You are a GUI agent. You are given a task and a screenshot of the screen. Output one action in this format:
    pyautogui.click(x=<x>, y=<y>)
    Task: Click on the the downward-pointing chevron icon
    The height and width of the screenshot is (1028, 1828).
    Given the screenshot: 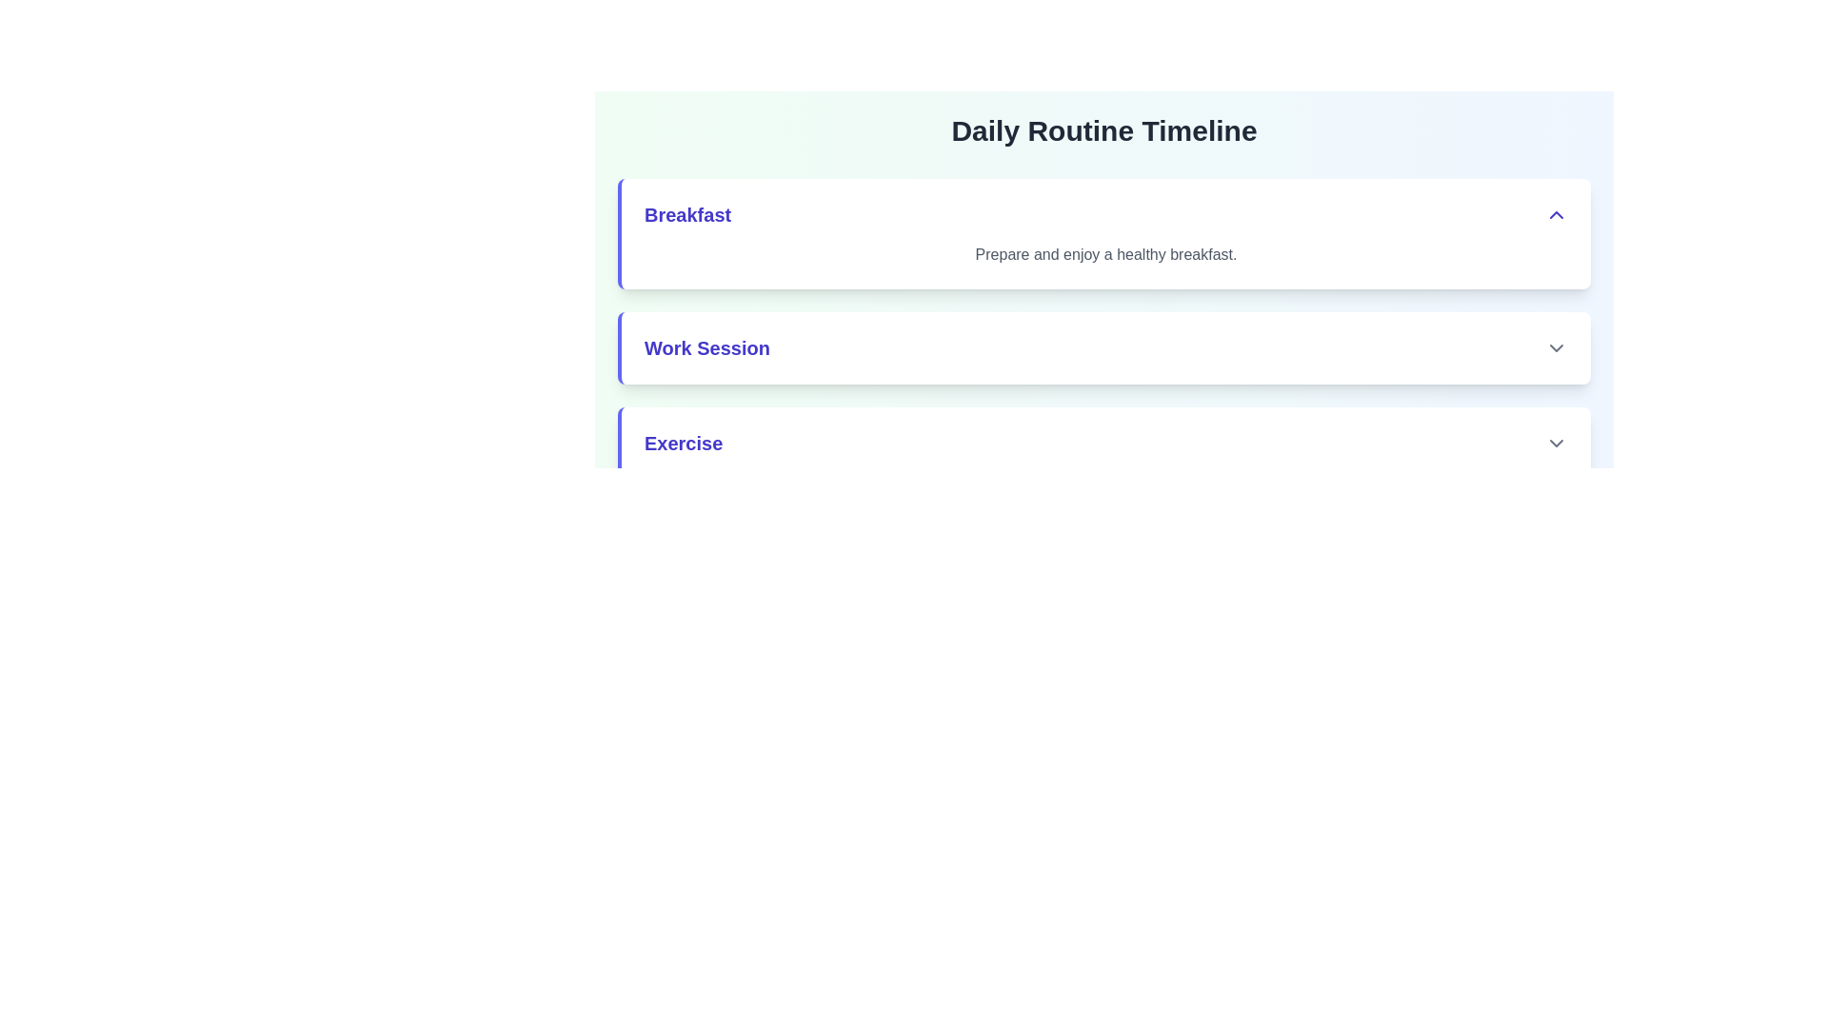 What is the action you would take?
    pyautogui.click(x=1557, y=348)
    